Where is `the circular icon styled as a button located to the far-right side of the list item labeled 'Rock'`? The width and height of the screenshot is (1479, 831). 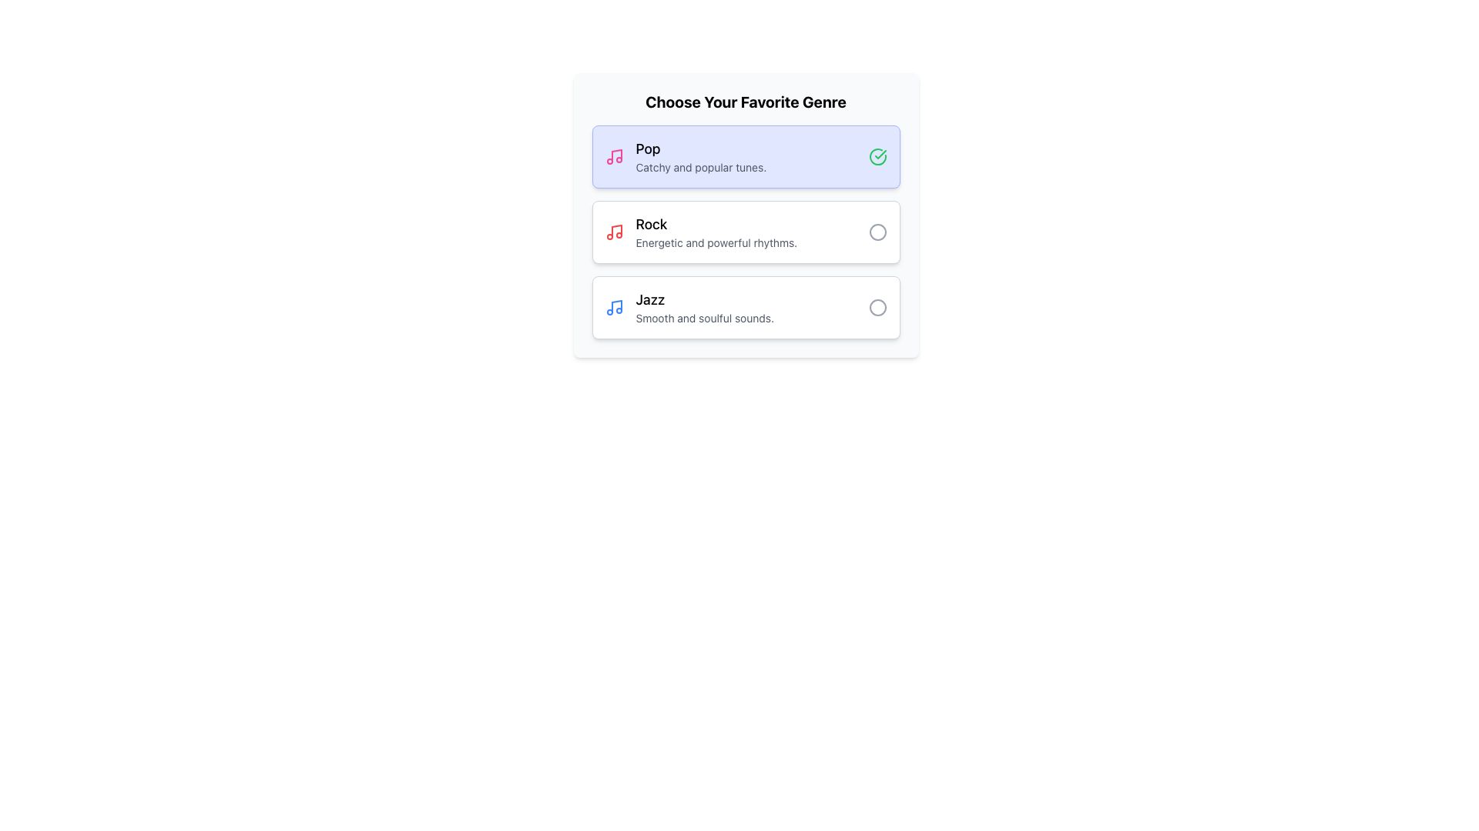 the circular icon styled as a button located to the far-right side of the list item labeled 'Rock' is located at coordinates (877, 232).